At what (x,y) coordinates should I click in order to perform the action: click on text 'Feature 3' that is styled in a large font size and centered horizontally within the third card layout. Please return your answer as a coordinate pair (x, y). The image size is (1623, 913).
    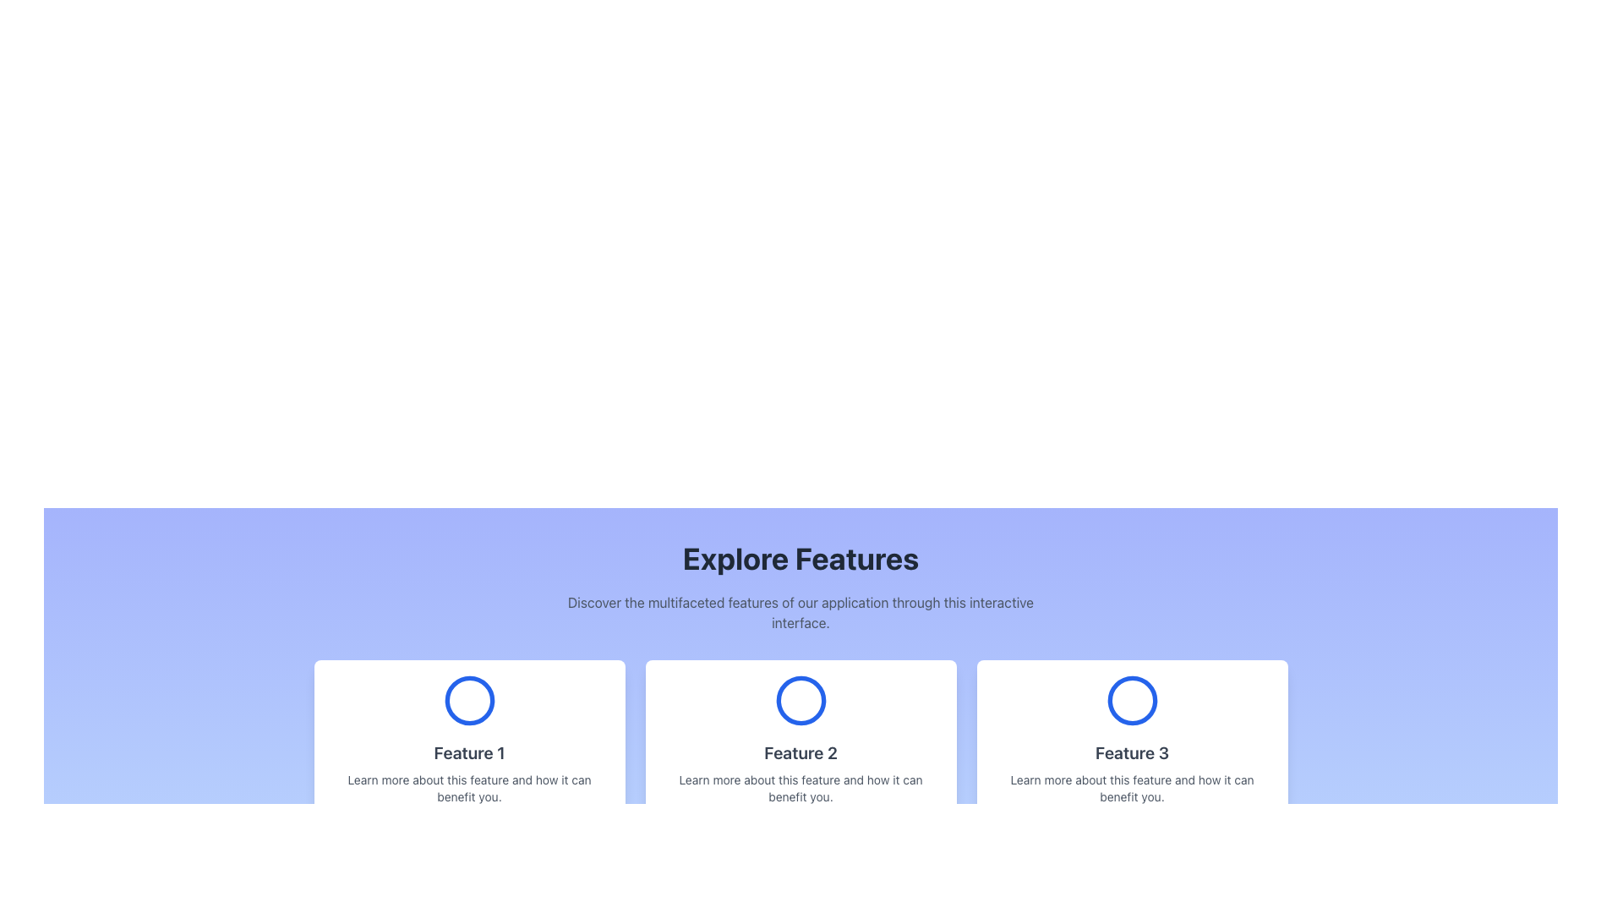
    Looking at the image, I should click on (1132, 752).